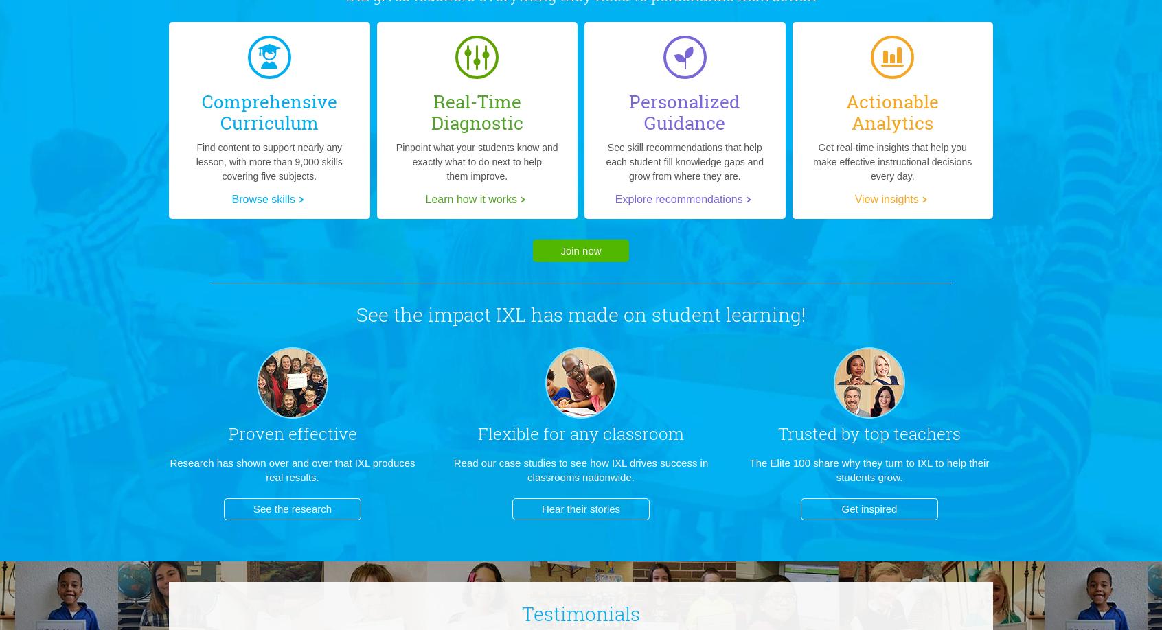 The image size is (1162, 630). What do you see at coordinates (538, 433) in the screenshot?
I see `'Flexible for any'` at bounding box center [538, 433].